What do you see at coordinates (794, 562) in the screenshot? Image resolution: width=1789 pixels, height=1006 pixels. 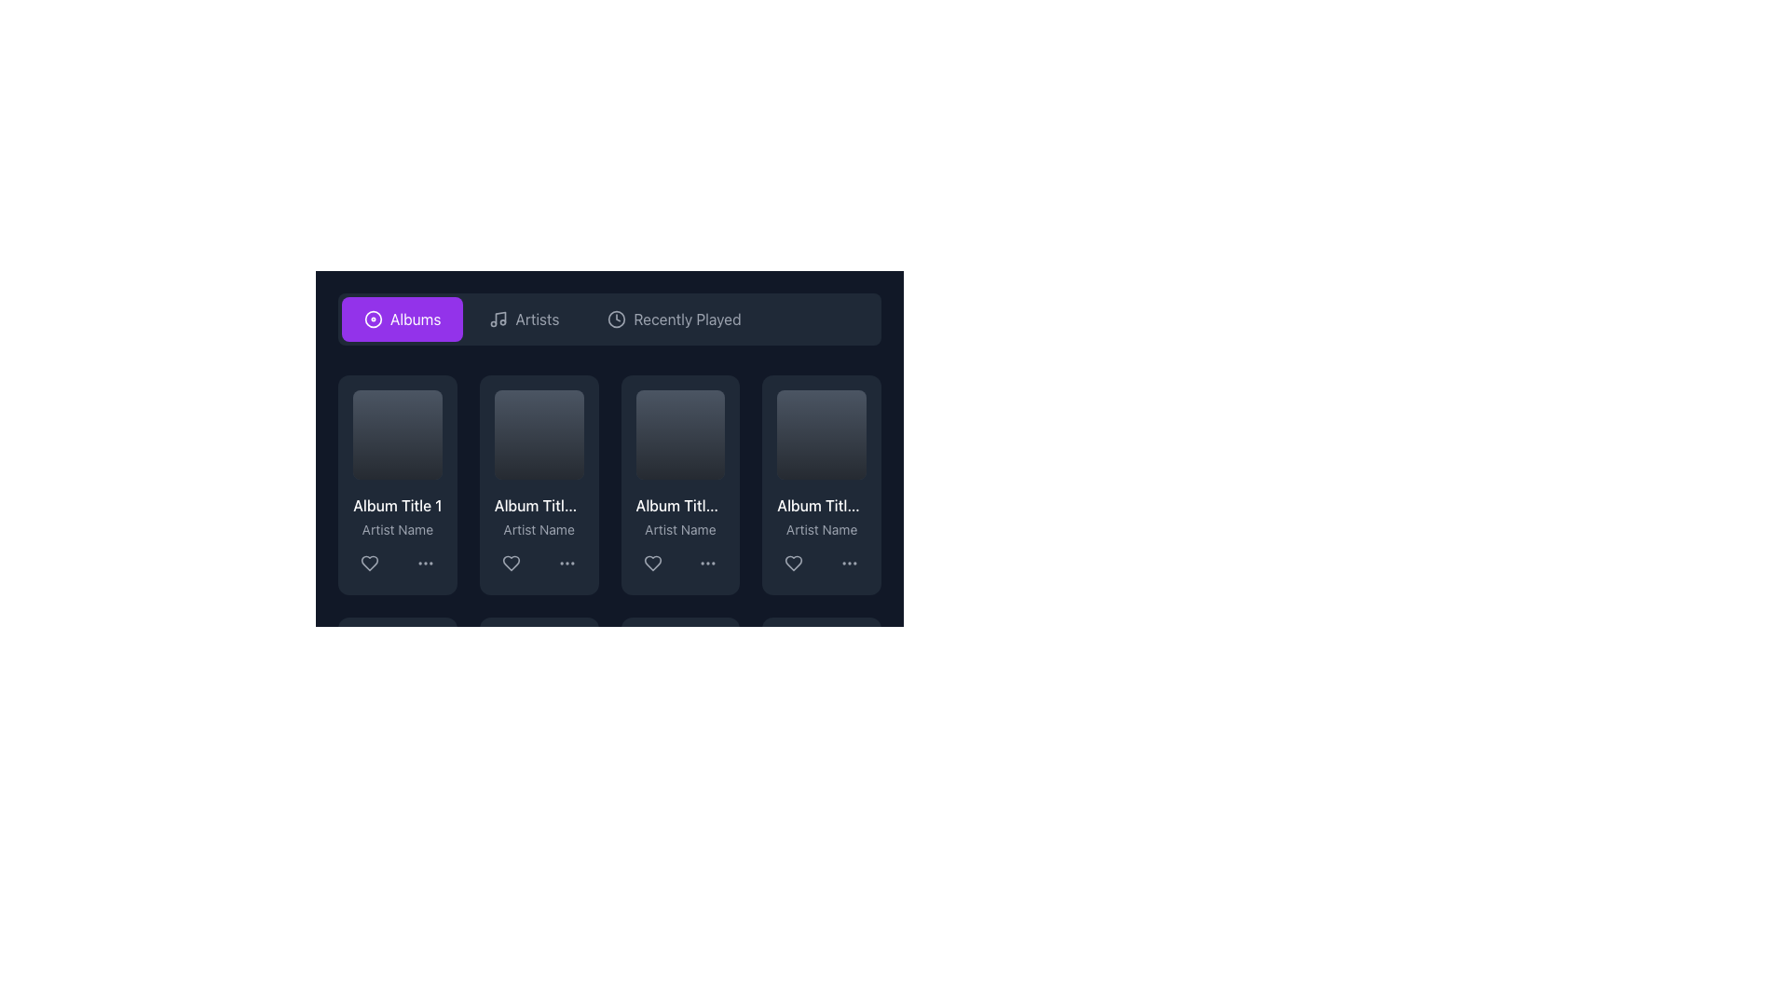 I see `the heart-shaped icon, which is the leftmost icon below the album title and artist name in the fourth card of the album grid, to indicate preference or like` at bounding box center [794, 562].